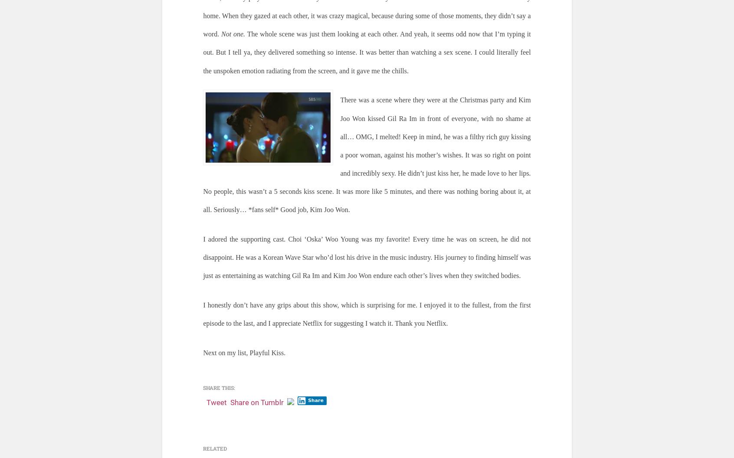 This screenshot has height=458, width=734. Describe the element at coordinates (219, 387) in the screenshot. I see `'Share this:'` at that location.